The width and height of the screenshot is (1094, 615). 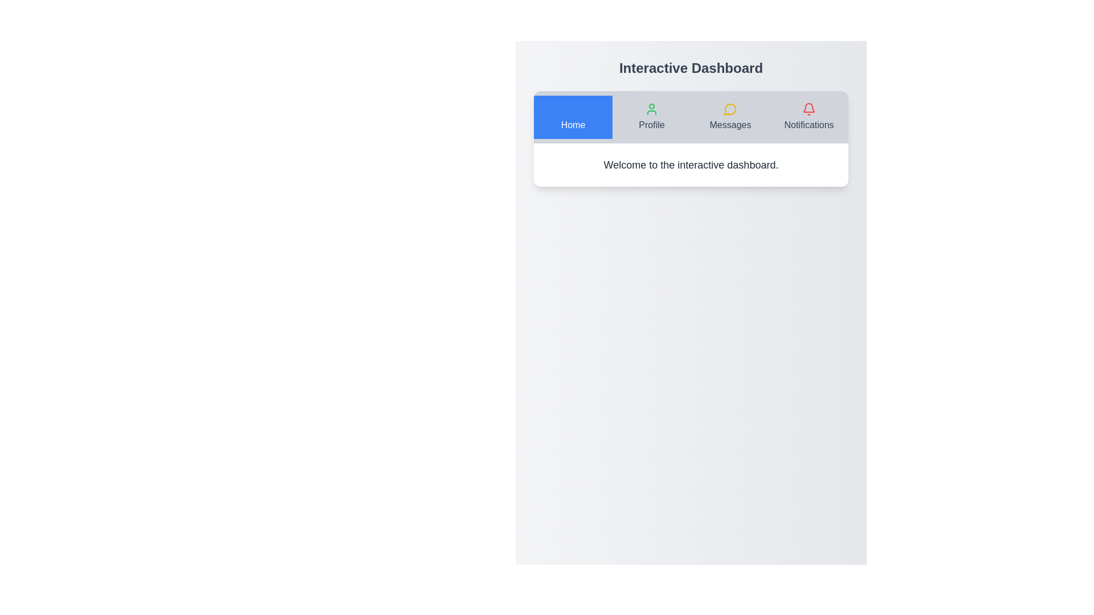 What do you see at coordinates (730, 109) in the screenshot?
I see `the messaging icon in the navigation bar` at bounding box center [730, 109].